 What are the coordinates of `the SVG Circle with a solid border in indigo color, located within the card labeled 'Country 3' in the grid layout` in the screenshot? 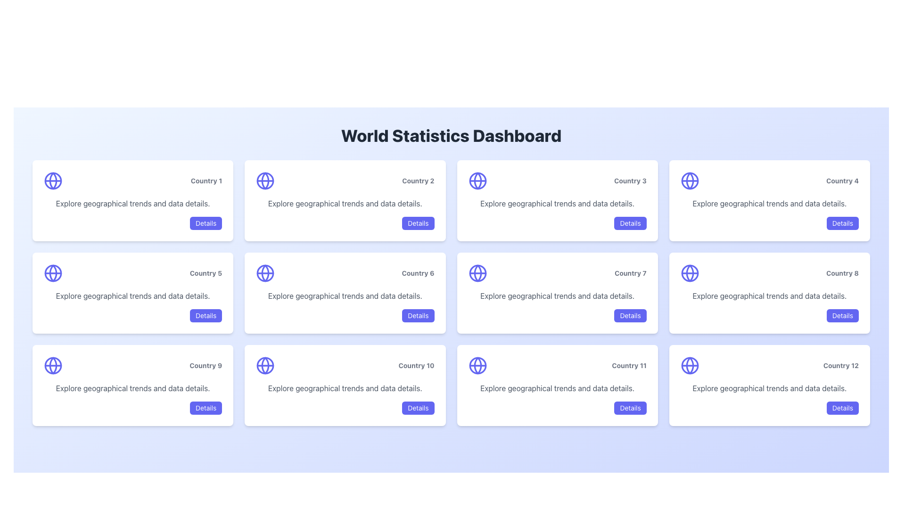 It's located at (477, 181).